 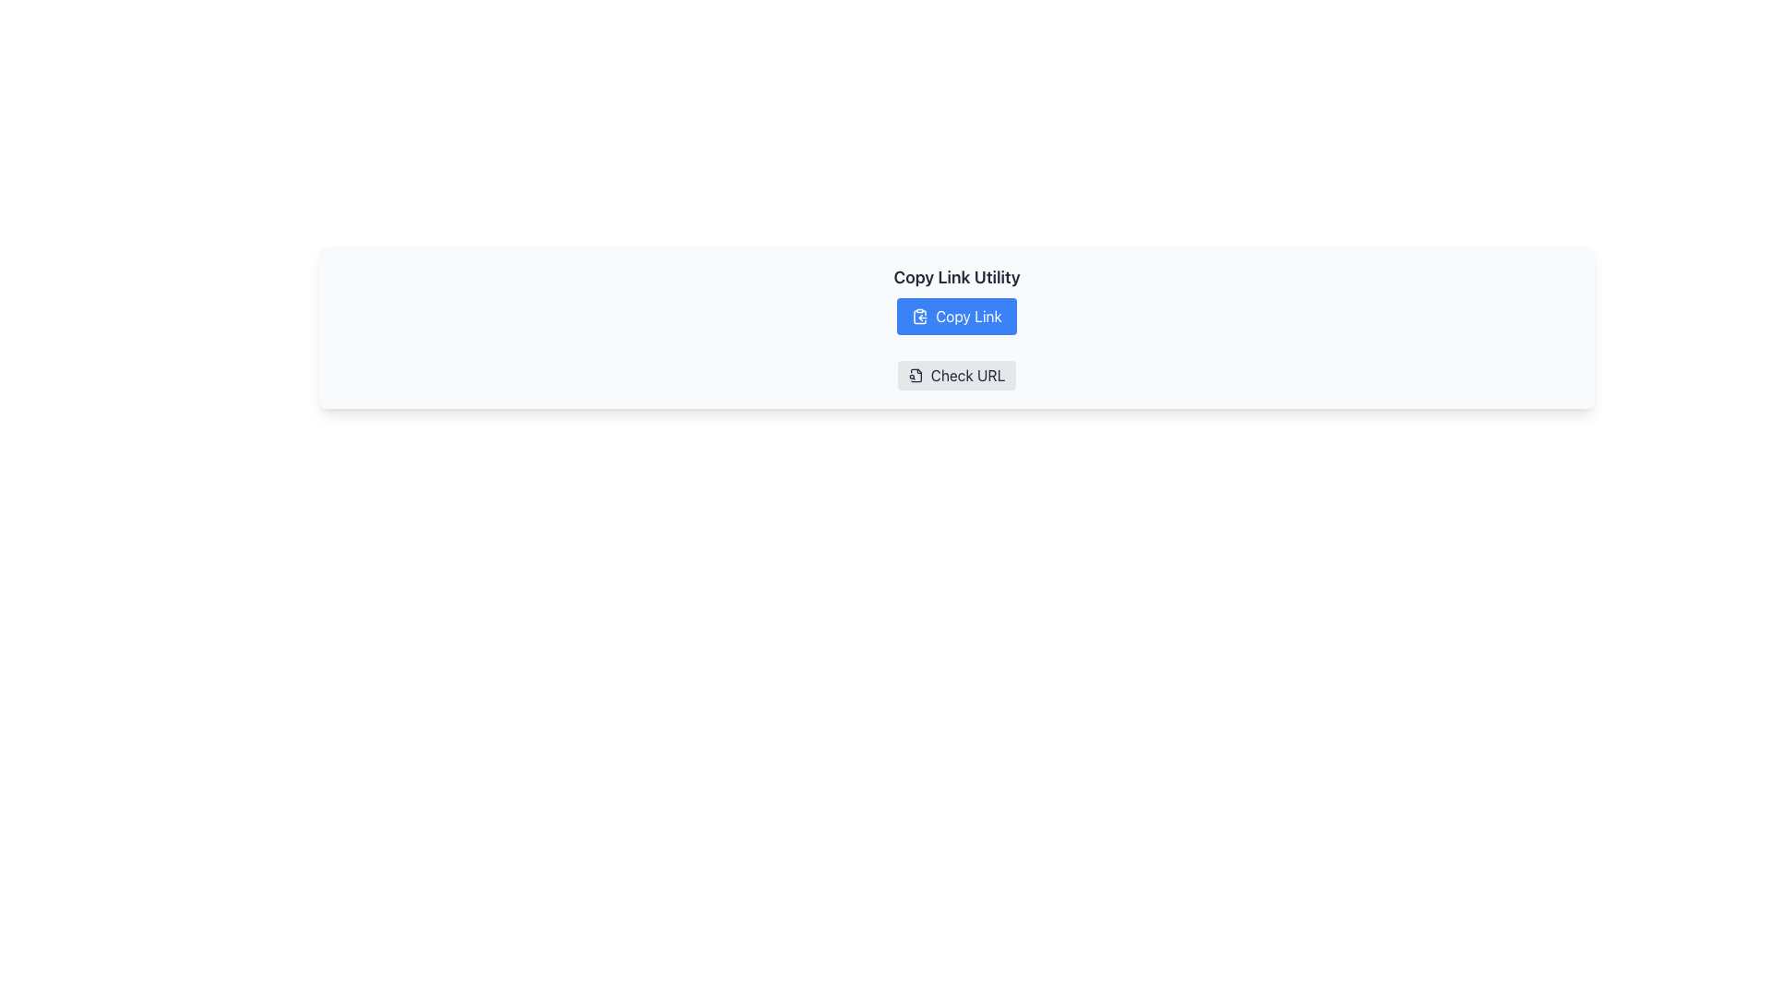 I want to click on the button labeled 'Check URL' that contains a file search icon represented by a document outline with a magnifying glass, so click(x=916, y=375).